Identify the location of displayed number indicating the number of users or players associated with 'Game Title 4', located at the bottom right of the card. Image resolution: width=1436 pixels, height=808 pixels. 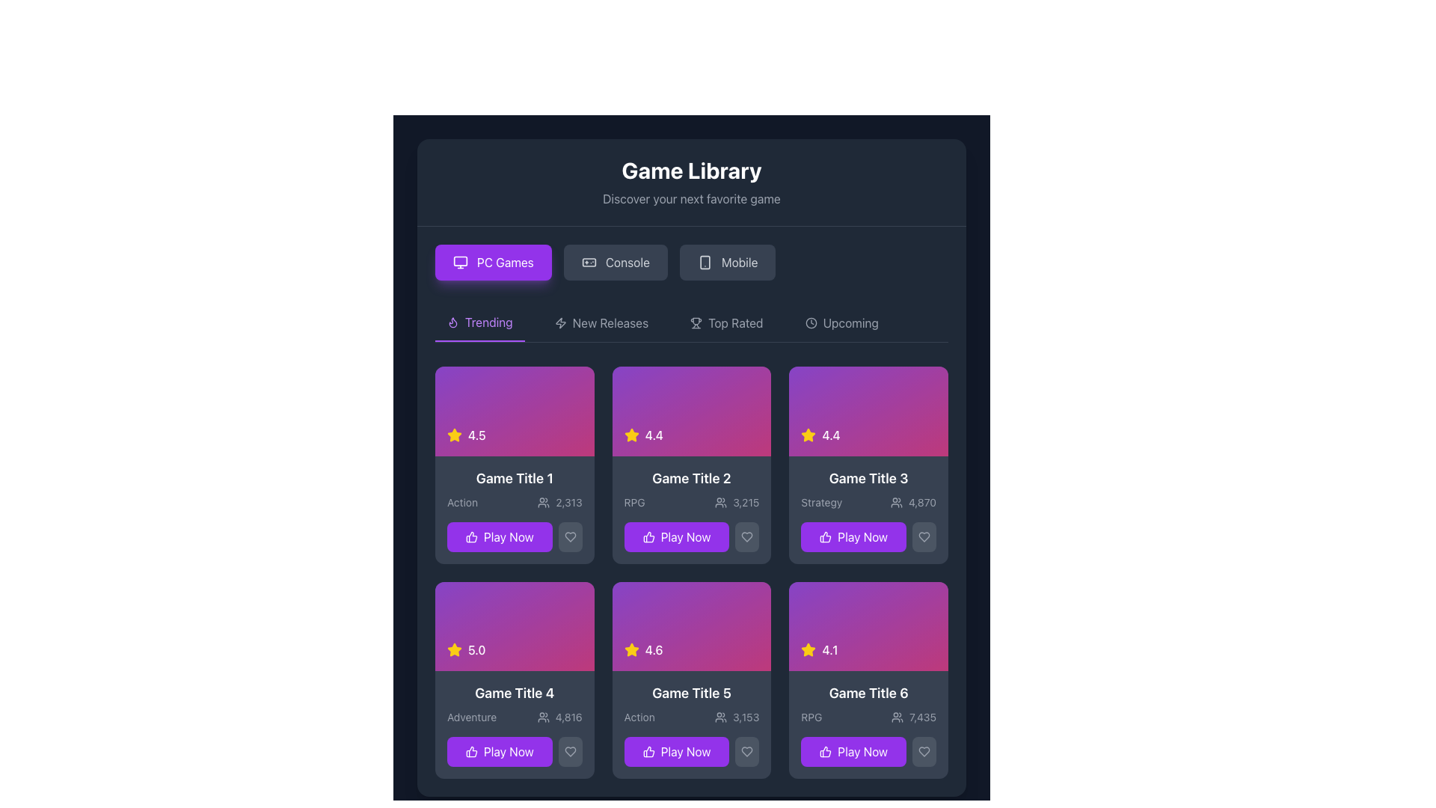
(568, 717).